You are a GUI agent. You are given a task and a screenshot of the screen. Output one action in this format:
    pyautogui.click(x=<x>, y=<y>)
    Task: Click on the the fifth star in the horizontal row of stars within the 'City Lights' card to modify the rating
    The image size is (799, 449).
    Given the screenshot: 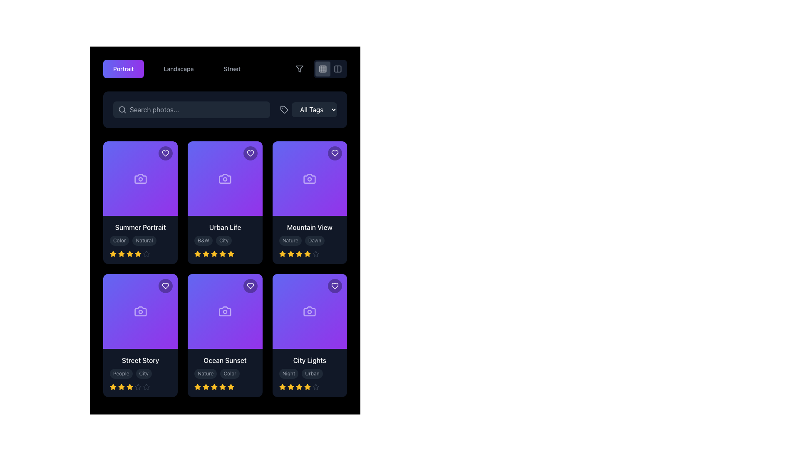 What is the action you would take?
    pyautogui.click(x=315, y=387)
    